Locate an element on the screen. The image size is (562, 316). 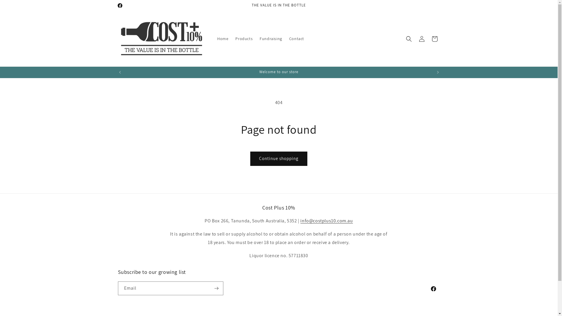
'Home' is located at coordinates (222, 38).